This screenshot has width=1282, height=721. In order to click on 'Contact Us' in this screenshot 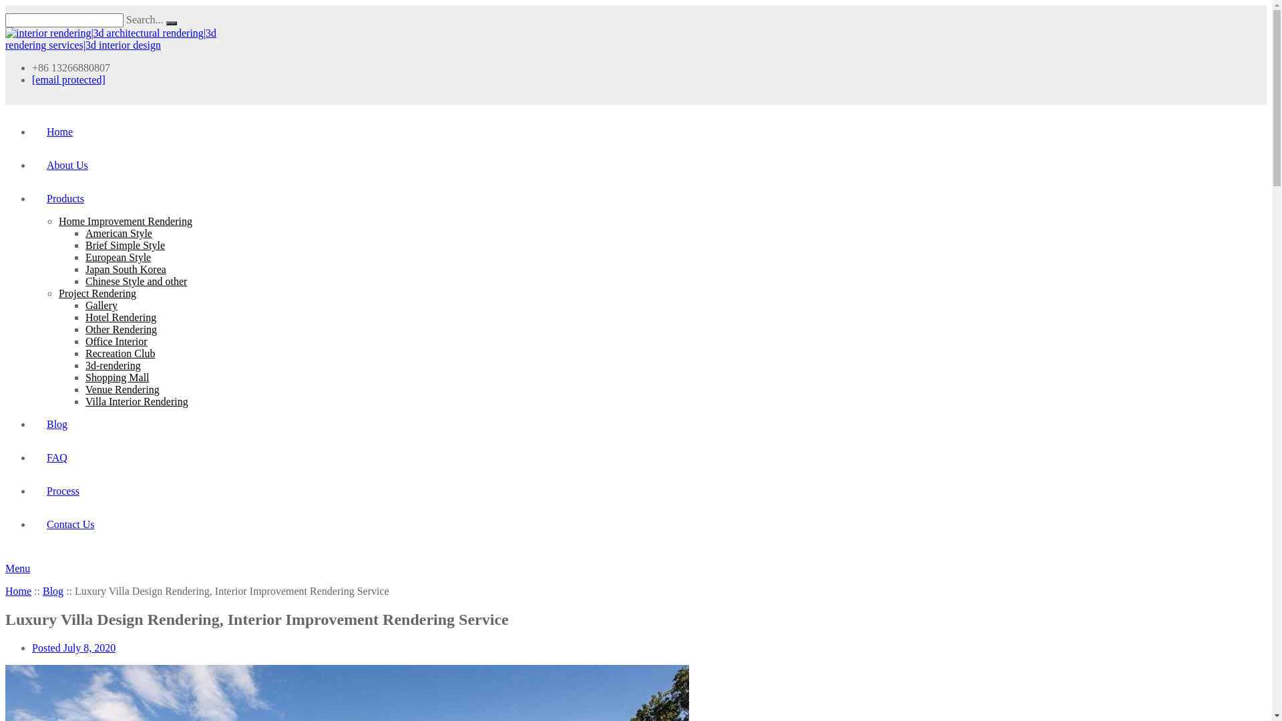, I will do `click(66, 523)`.